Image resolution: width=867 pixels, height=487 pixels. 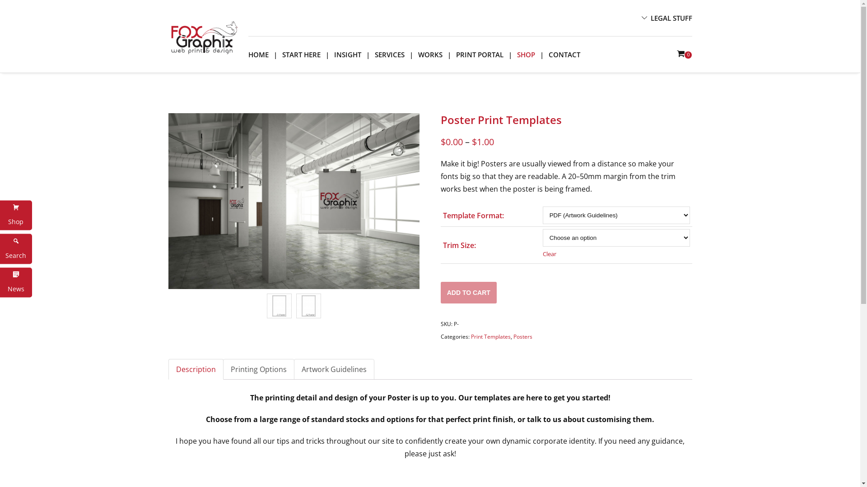 I want to click on 'Printing Options', so click(x=257, y=369).